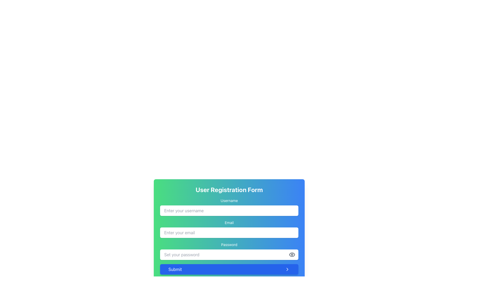 The width and height of the screenshot is (503, 283). What do you see at coordinates (292, 254) in the screenshot?
I see `the eye icon within the button` at bounding box center [292, 254].